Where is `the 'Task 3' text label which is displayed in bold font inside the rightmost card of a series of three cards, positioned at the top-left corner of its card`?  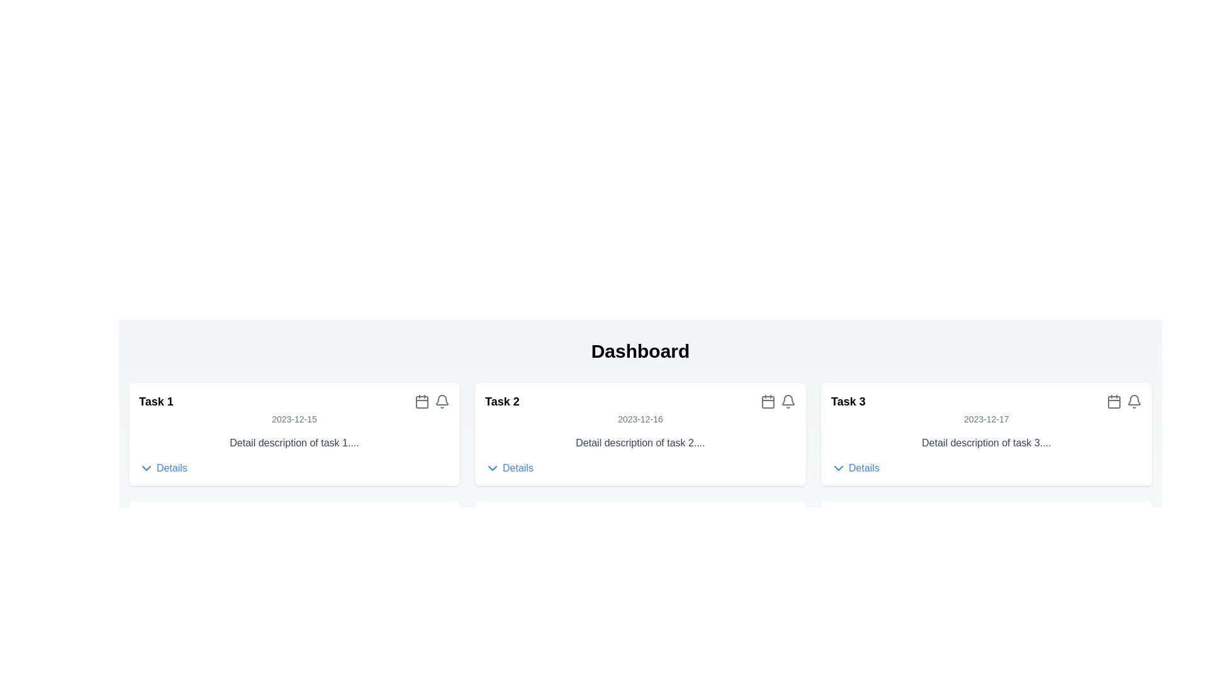
the 'Task 3' text label which is displayed in bold font inside the rightmost card of a series of three cards, positioned at the top-left corner of its card is located at coordinates (848, 402).